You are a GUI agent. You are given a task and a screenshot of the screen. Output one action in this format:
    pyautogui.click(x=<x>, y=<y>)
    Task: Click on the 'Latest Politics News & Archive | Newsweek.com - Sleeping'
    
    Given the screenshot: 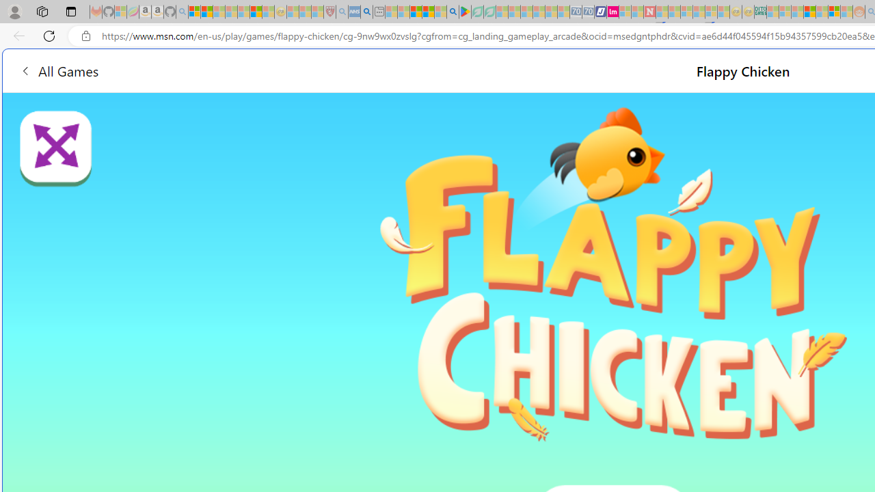 What is the action you would take?
    pyautogui.click(x=649, y=12)
    